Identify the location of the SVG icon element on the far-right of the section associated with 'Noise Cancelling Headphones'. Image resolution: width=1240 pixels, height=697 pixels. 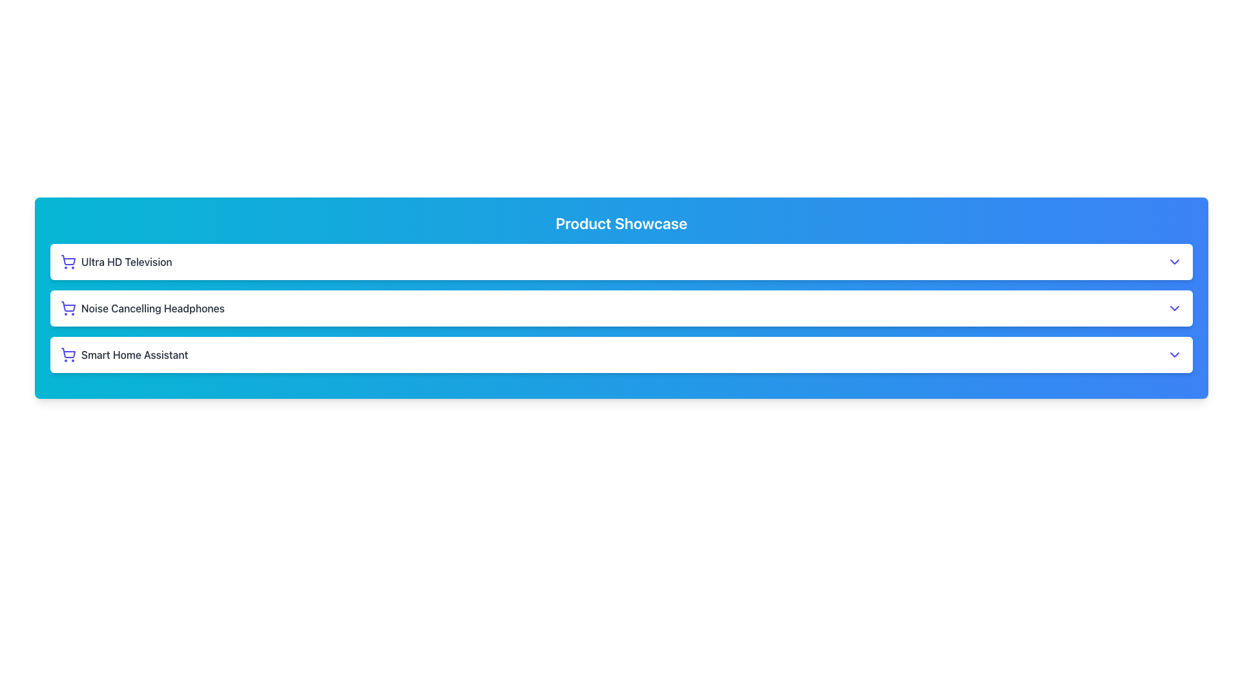
(1175, 308).